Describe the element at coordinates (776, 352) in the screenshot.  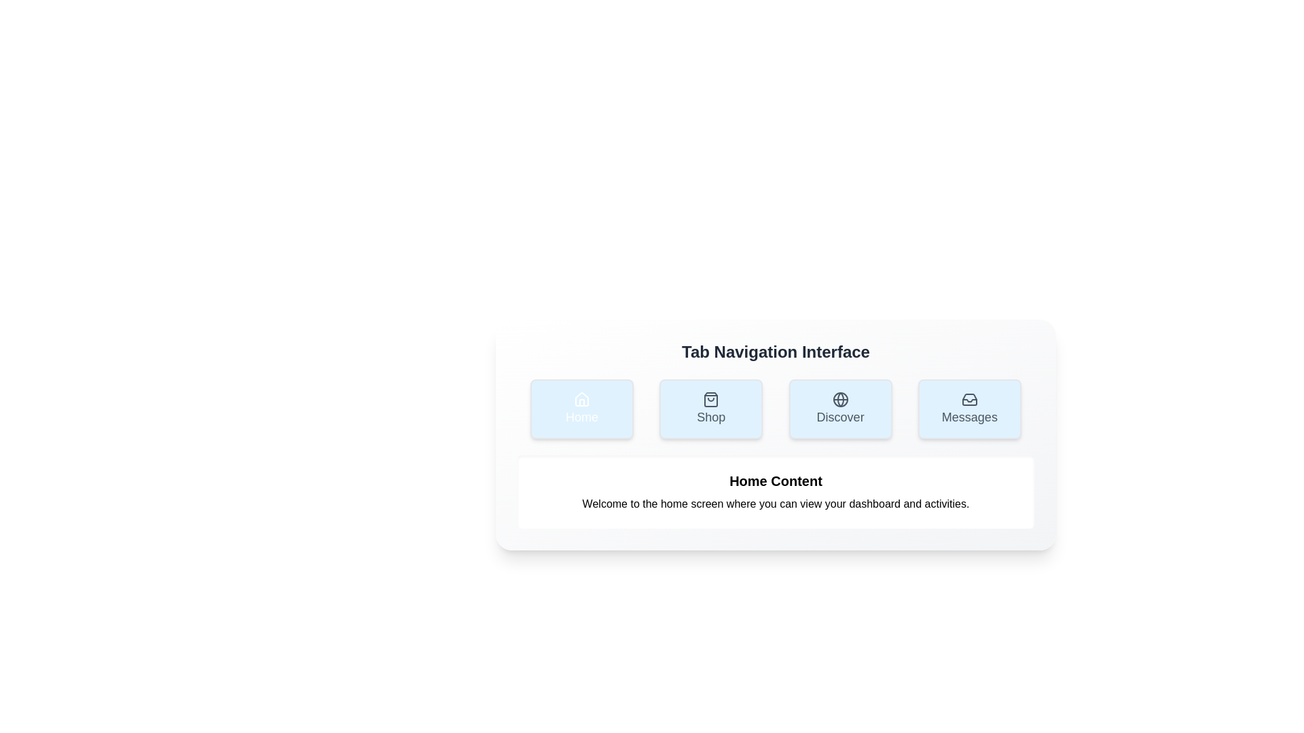
I see `the text header component titled 'Tab Navigation Interface', which is prominently displayed at the top center of the card, above the navigation bar` at that location.